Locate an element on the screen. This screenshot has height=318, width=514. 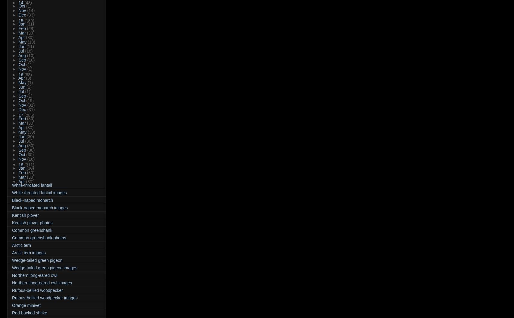
'Rufous-bellied woodpecker' is located at coordinates (37, 290).